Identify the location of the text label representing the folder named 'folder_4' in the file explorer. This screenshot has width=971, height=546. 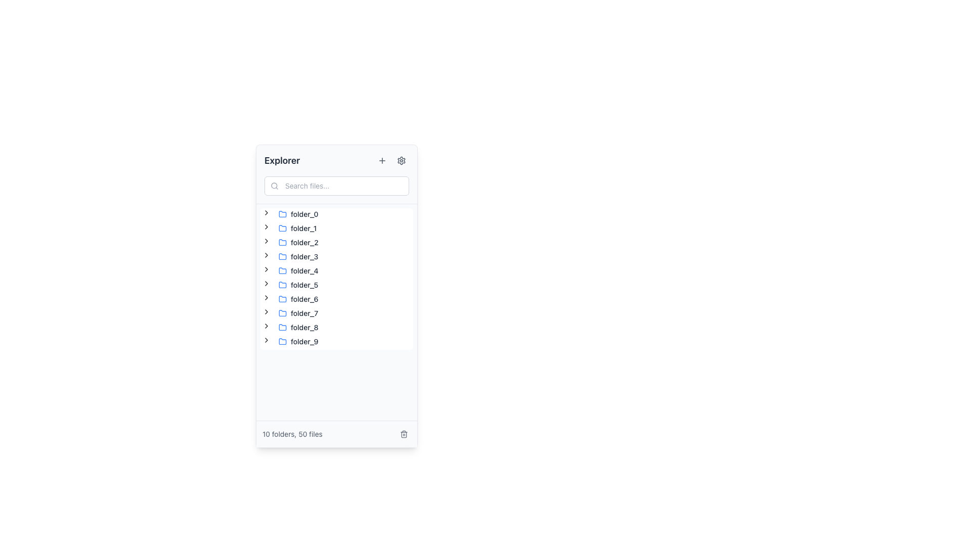
(304, 270).